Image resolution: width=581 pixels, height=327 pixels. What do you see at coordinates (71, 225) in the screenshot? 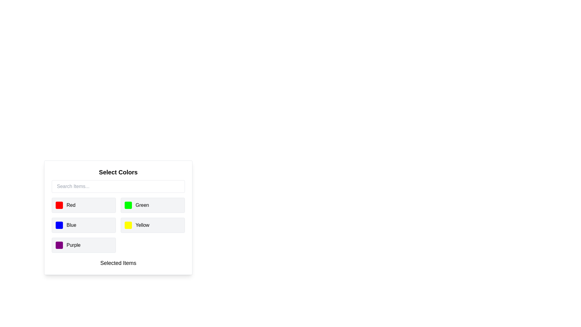
I see `text label that provides the name of the color represented by the adjacent blue square icon, located in the second row of the color selection grid` at bounding box center [71, 225].